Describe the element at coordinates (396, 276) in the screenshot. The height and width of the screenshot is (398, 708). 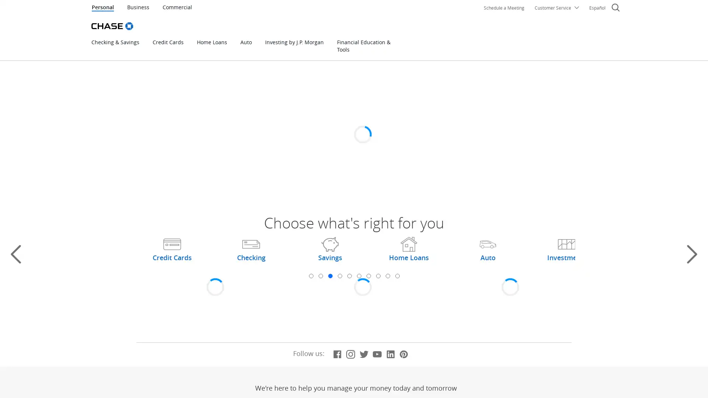
I see `Slide 10 of 10` at that location.